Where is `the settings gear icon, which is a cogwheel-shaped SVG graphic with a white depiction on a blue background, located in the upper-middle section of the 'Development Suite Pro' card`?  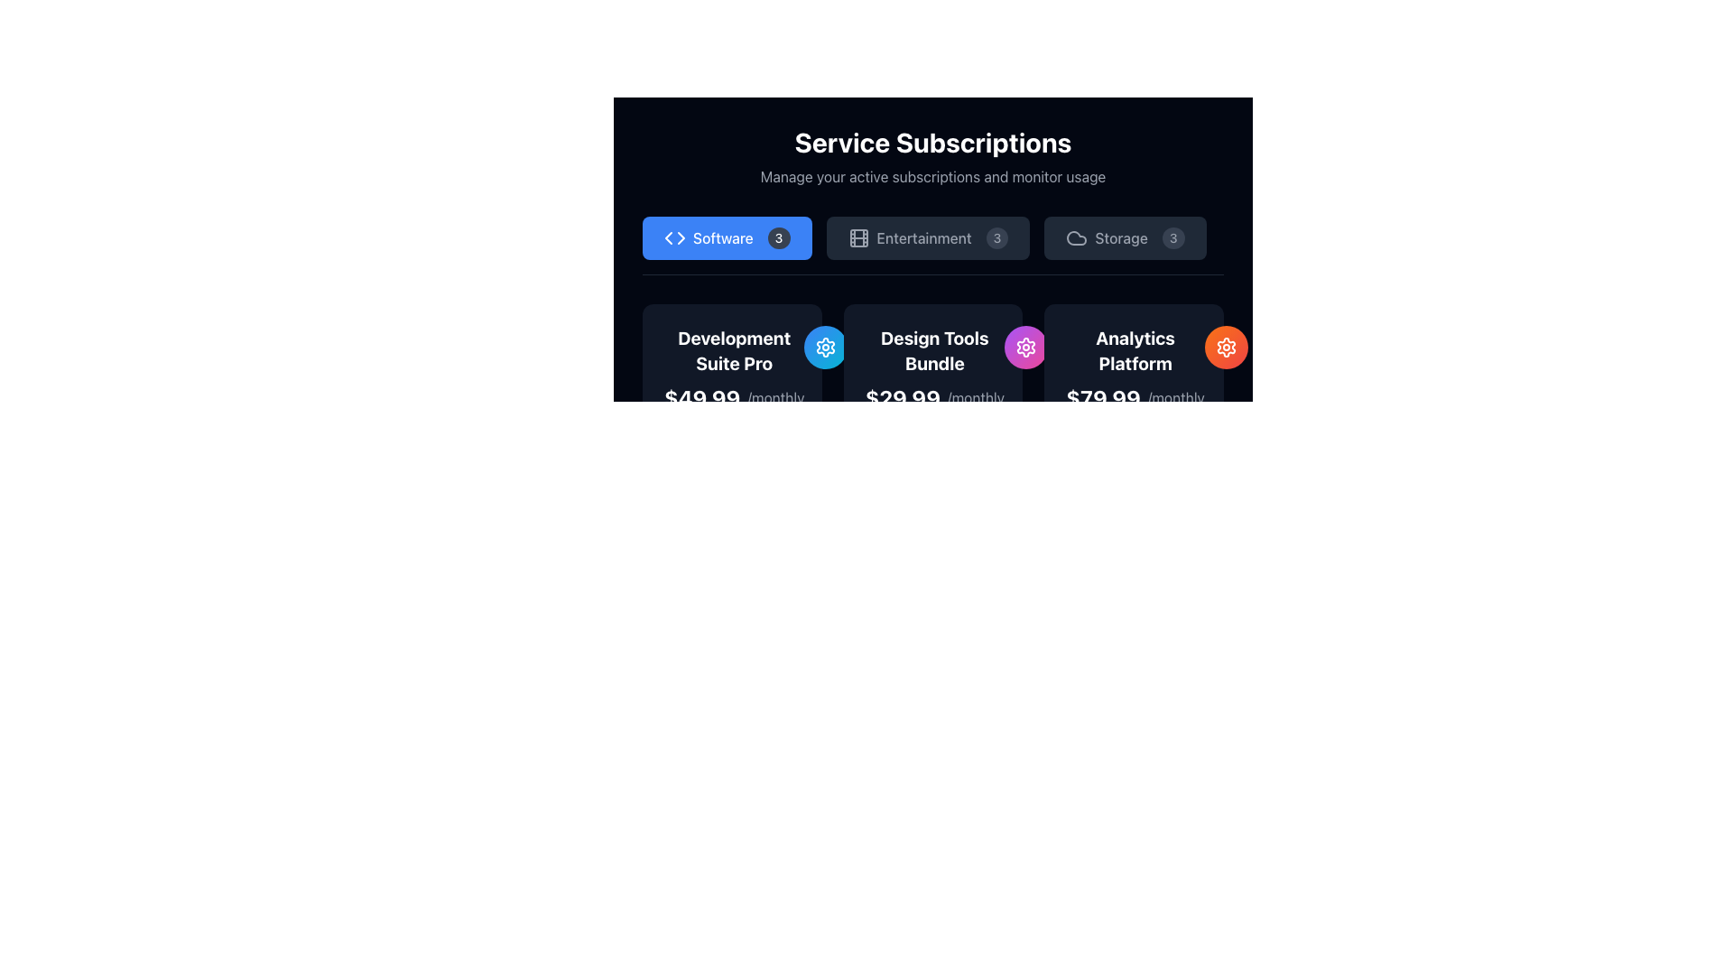 the settings gear icon, which is a cogwheel-shaped SVG graphic with a white depiction on a blue background, located in the upper-middle section of the 'Development Suite Pro' card is located at coordinates (825, 348).